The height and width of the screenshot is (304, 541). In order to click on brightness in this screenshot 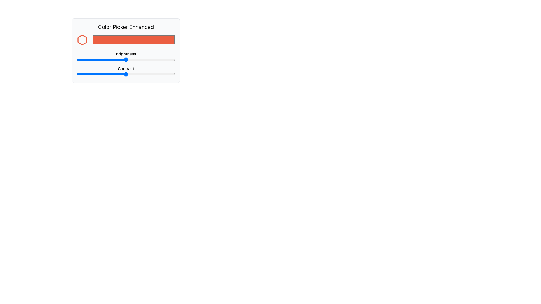, I will do `click(151, 60)`.